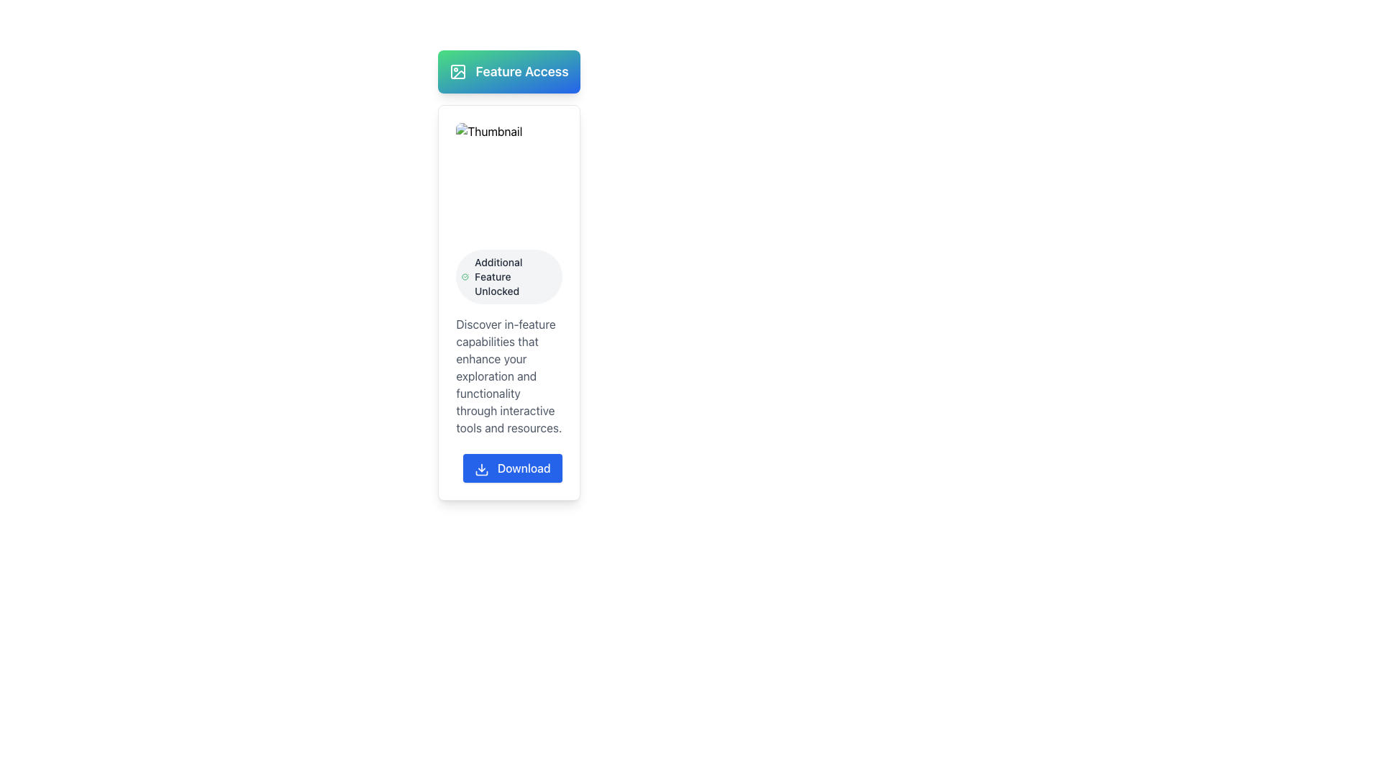 This screenshot has width=1381, height=777. What do you see at coordinates (465, 277) in the screenshot?
I see `the completed or unlocked status icon located to the left of the text 'Additional Feature Unlocked', which is centrally aligned at the top of a card layout` at bounding box center [465, 277].